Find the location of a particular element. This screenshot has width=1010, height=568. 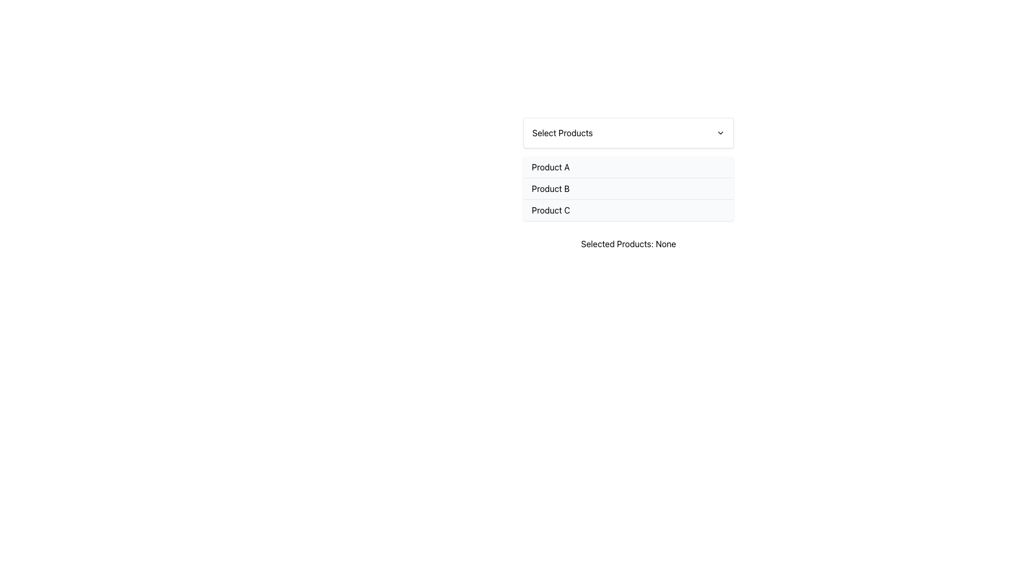

displayed text from the static text label that shows 'Selected Products: None', located at the bottom of the product list is located at coordinates (629, 244).